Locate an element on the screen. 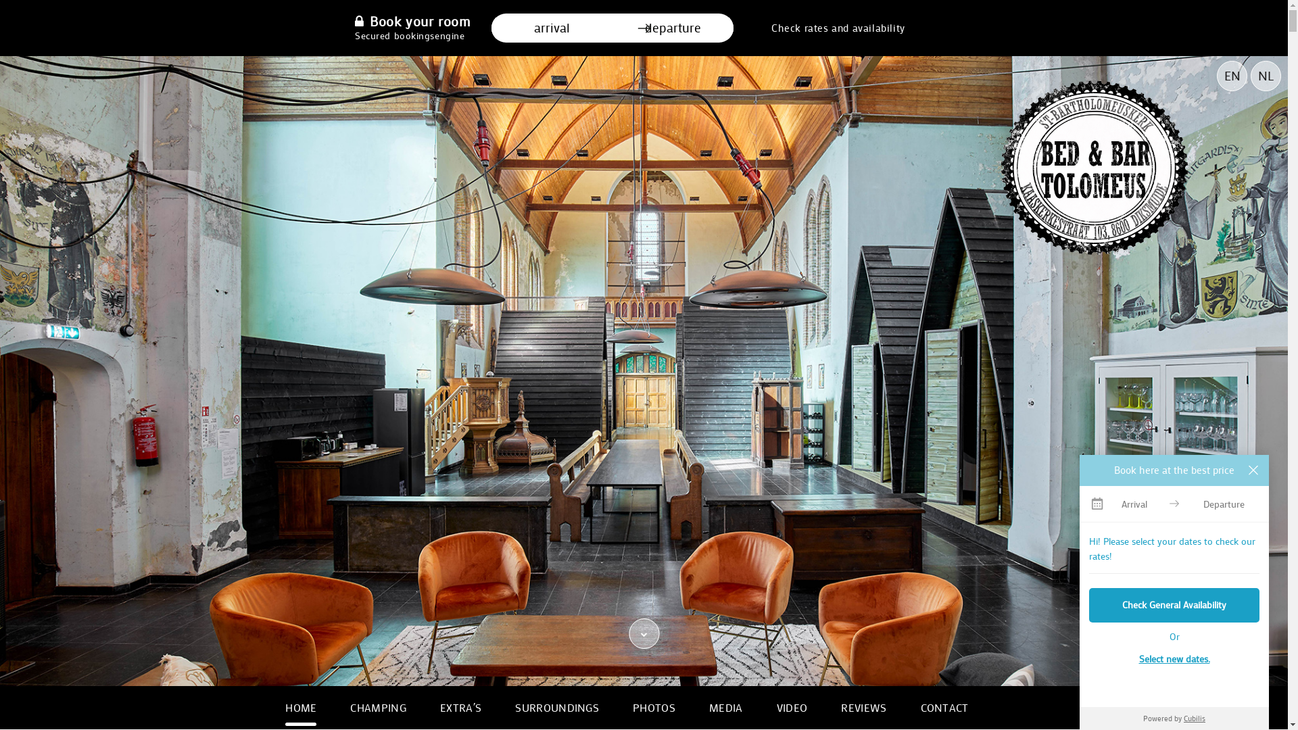  'CONTACT' is located at coordinates (944, 706).